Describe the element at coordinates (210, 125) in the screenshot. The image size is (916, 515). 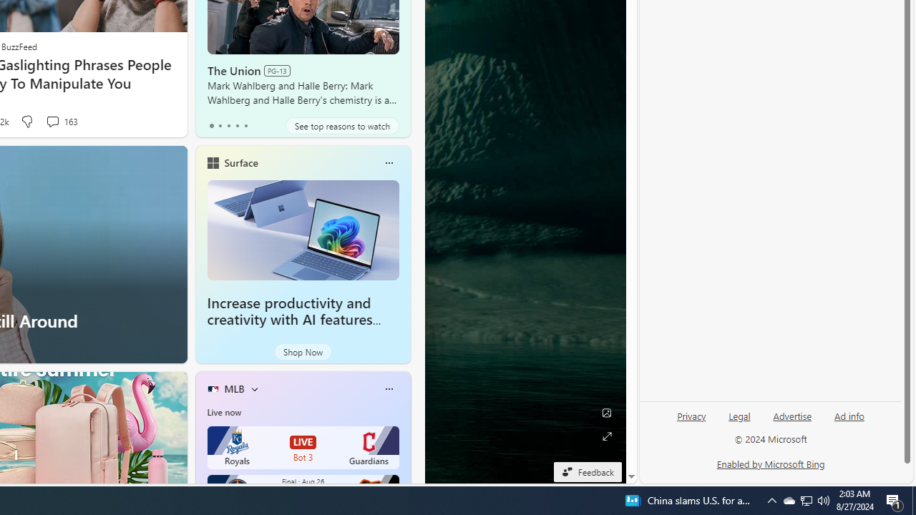
I see `'tab-0'` at that location.